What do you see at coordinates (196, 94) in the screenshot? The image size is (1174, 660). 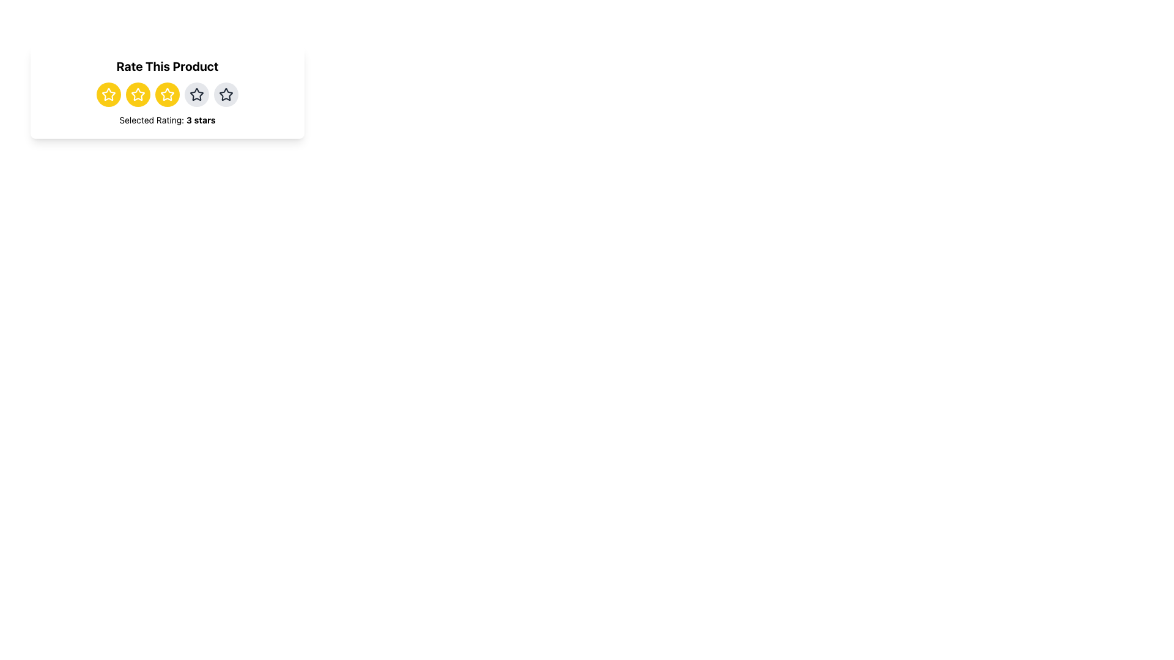 I see `the third star-shaped icon in a horizontal row, which is styled with an outlined stroke and positioned centrally within the row` at bounding box center [196, 94].